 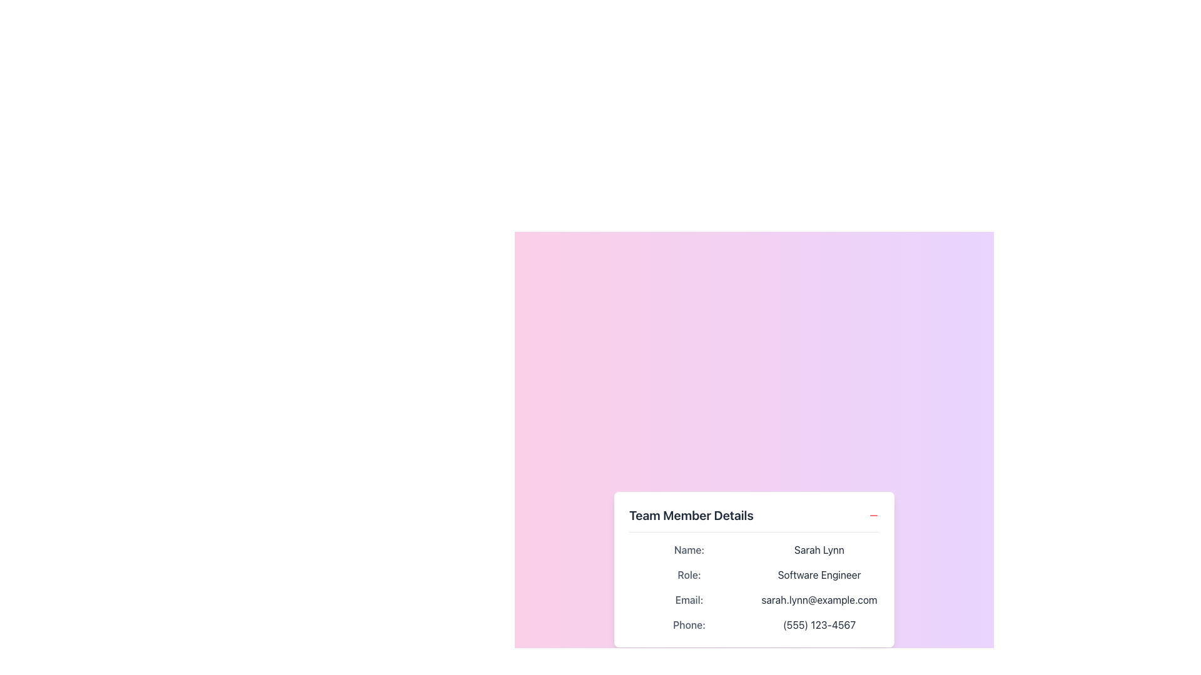 What do you see at coordinates (689, 574) in the screenshot?
I see `the Text label that describes the role of the team member, positioned below the 'Name:' label and above the 'Email:' label in the grid layout` at bounding box center [689, 574].